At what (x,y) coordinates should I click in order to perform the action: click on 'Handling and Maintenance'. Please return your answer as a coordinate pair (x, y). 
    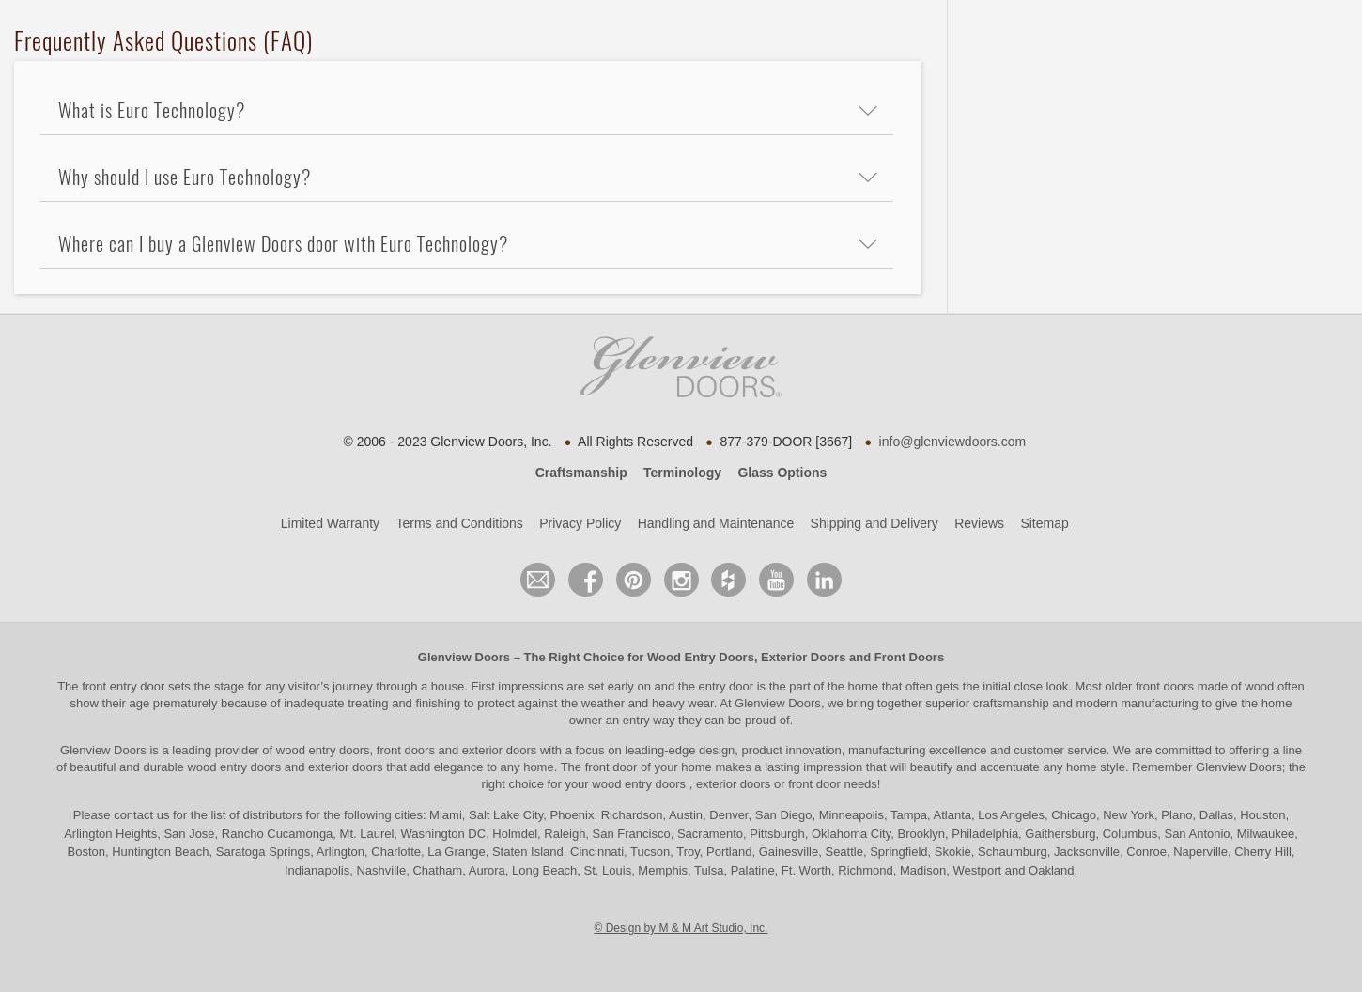
    Looking at the image, I should click on (636, 521).